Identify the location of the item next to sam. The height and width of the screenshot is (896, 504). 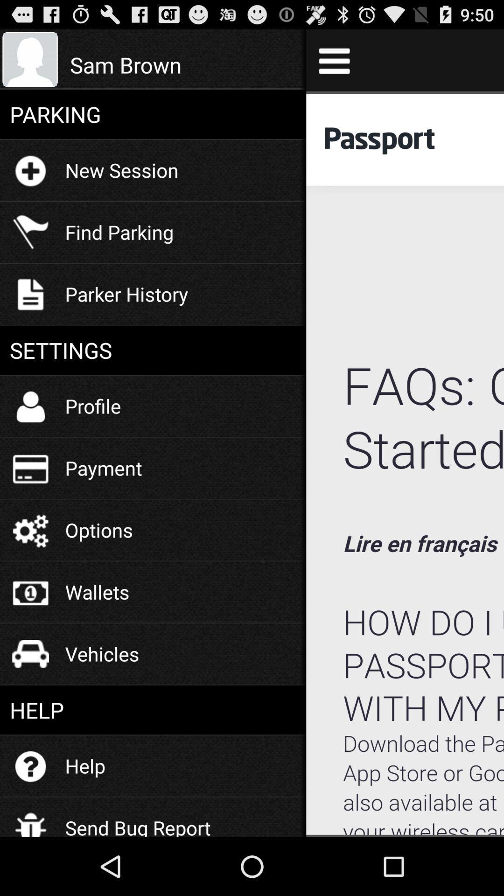
(334, 60).